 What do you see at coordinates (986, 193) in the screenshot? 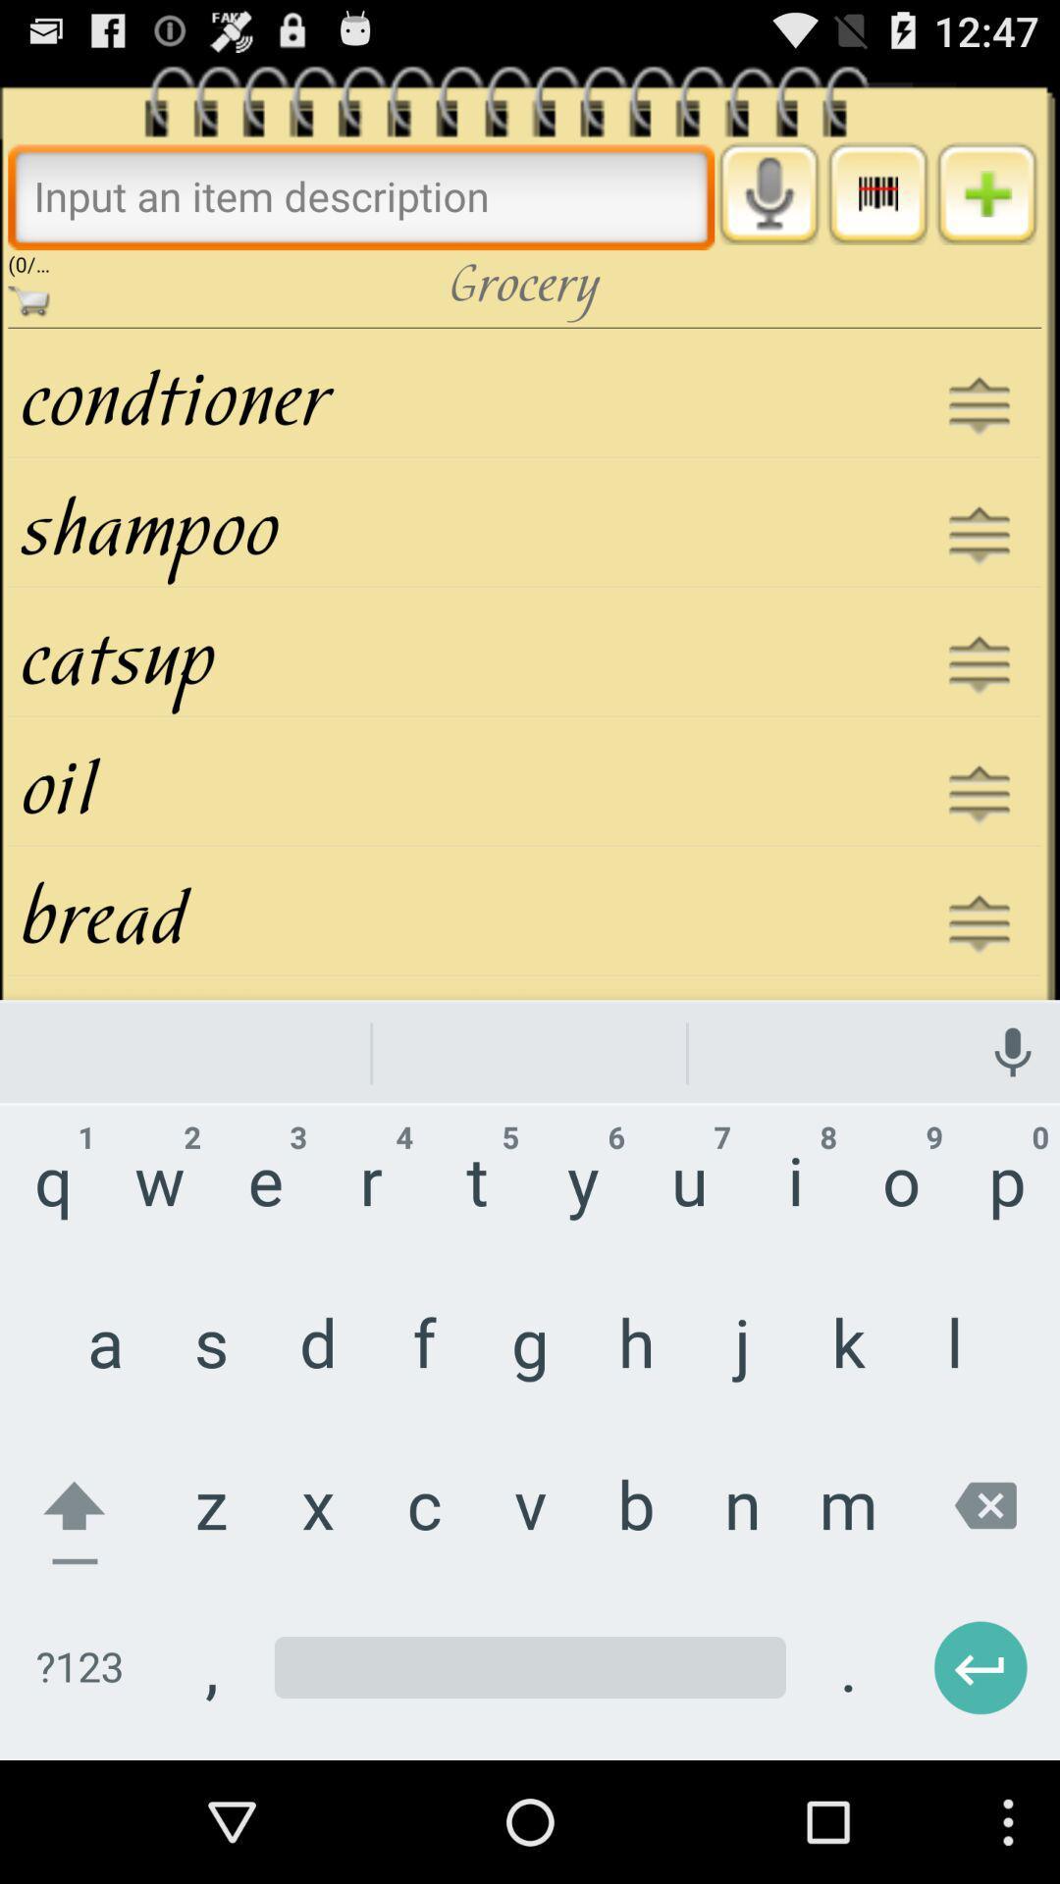
I see `item button` at bounding box center [986, 193].